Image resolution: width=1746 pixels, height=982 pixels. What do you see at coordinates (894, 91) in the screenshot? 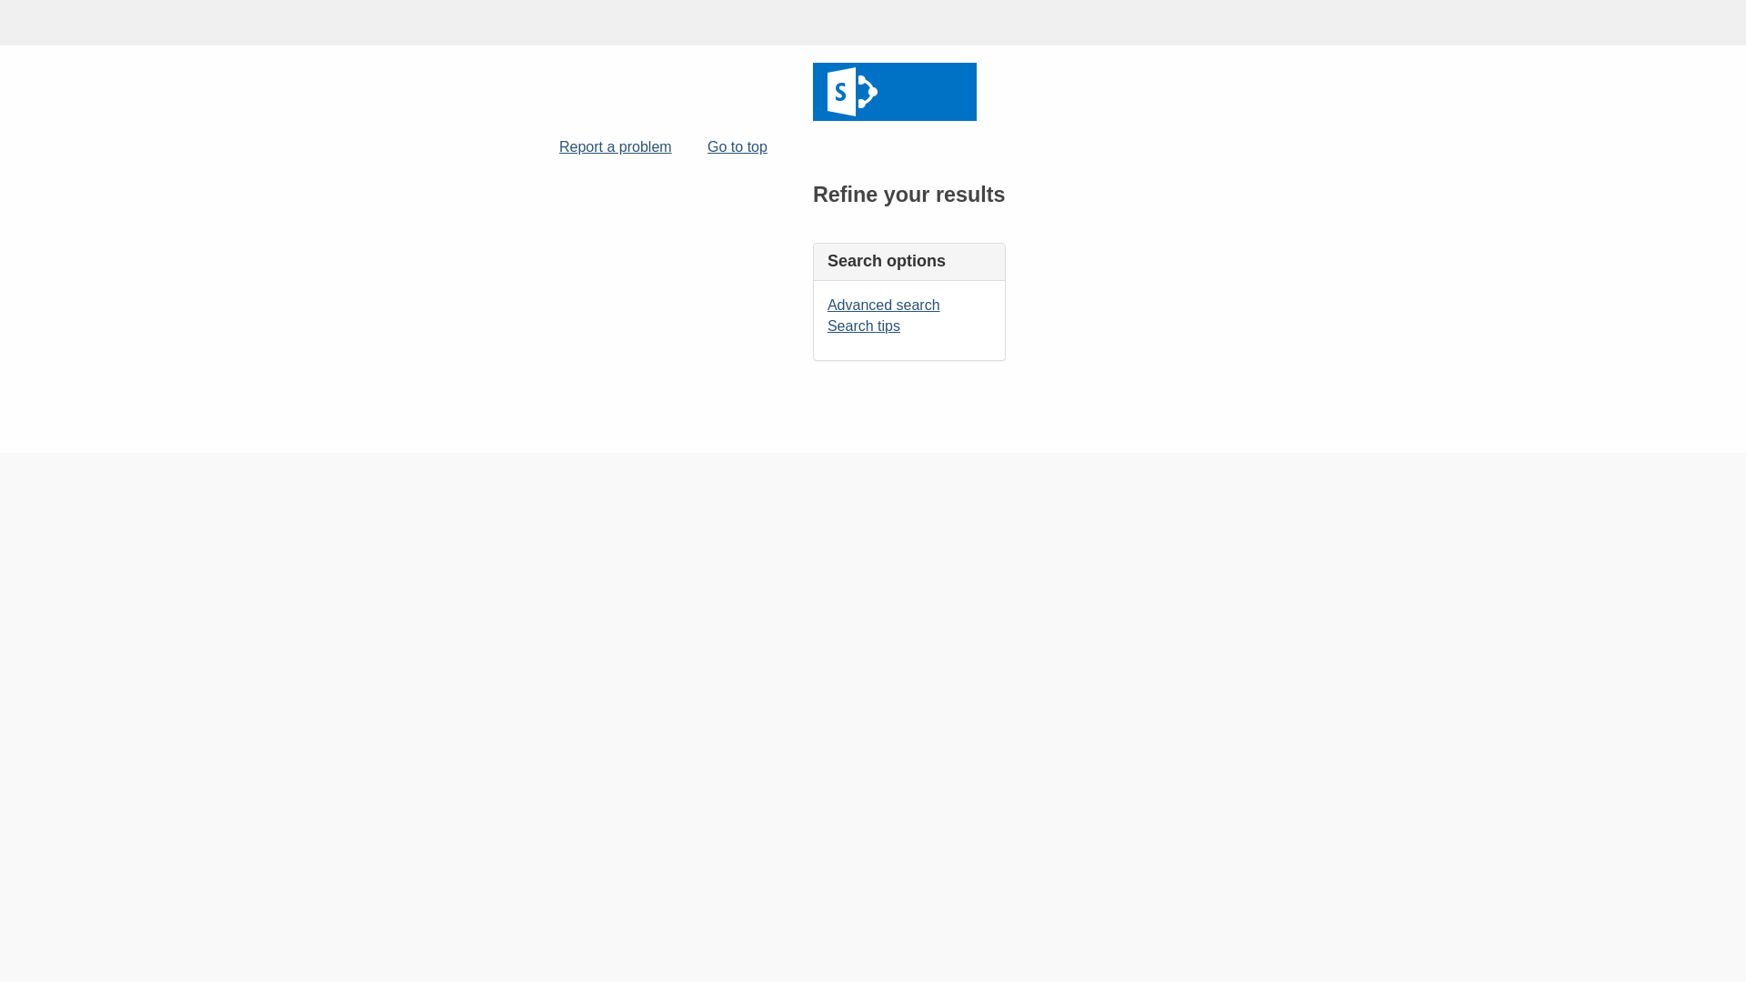
I see `'Search'` at bounding box center [894, 91].